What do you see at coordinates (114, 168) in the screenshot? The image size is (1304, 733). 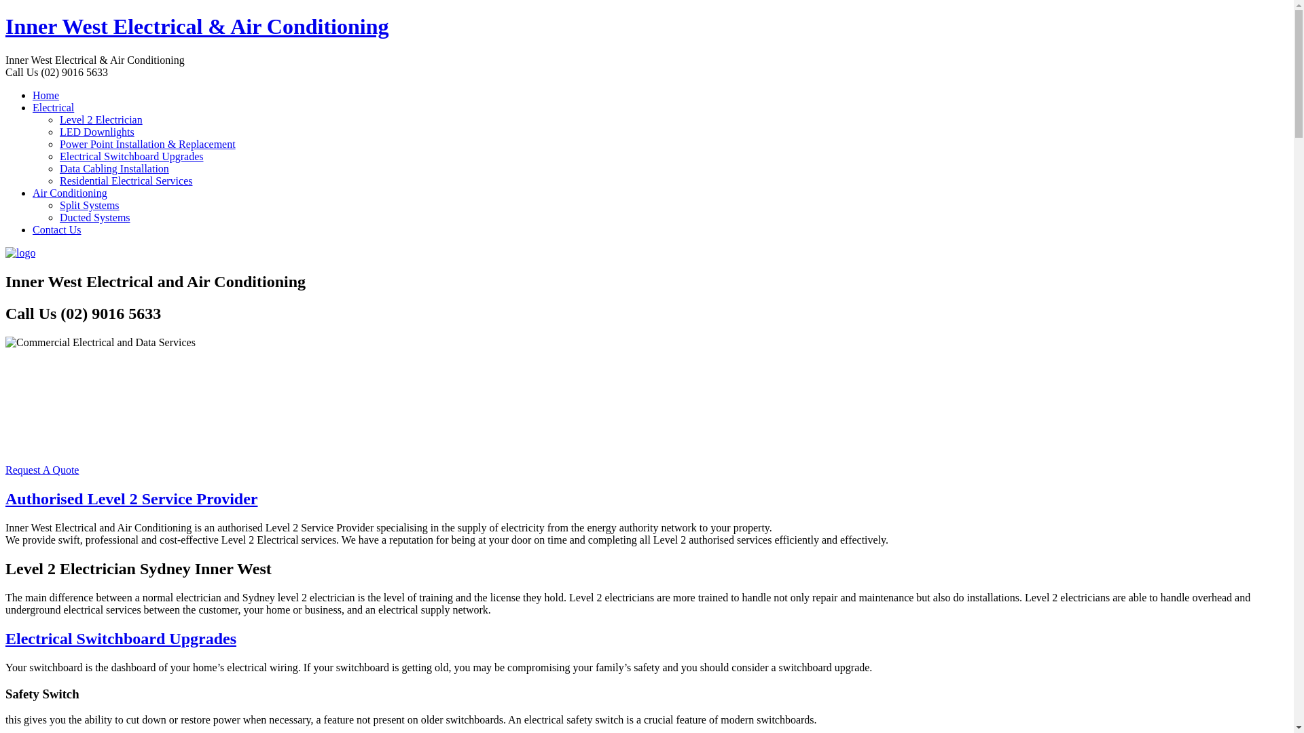 I see `'Data Cabling Installation'` at bounding box center [114, 168].